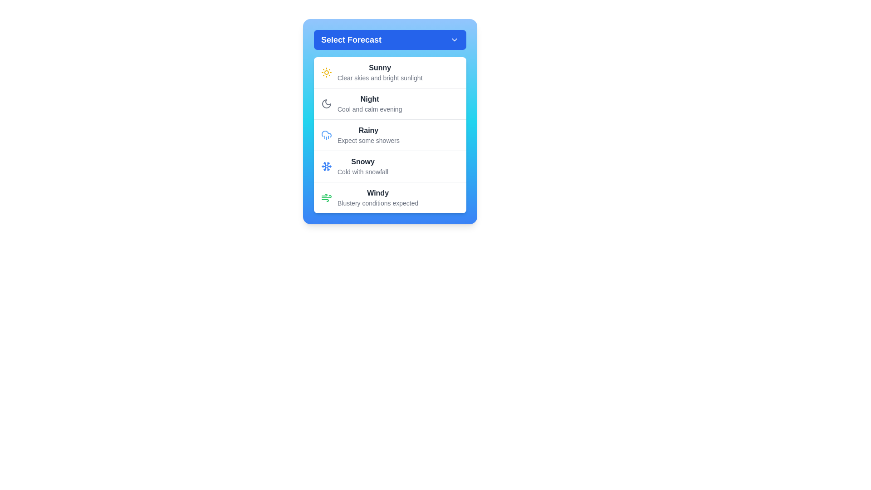 Image resolution: width=871 pixels, height=490 pixels. I want to click on the 'Sunny' weather condition icon located at the top-left corner of the forecast list, adjacent to the bold text 'Sunny', so click(327, 72).